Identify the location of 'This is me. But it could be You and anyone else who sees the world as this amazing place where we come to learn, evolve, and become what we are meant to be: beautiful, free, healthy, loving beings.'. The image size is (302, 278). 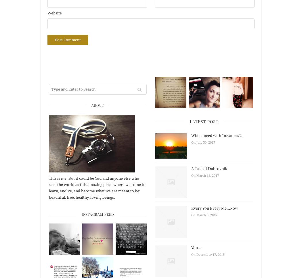
(49, 187).